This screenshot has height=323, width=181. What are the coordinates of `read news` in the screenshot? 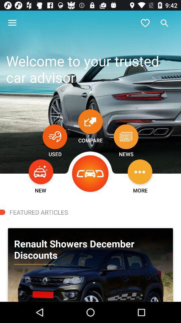 It's located at (126, 136).